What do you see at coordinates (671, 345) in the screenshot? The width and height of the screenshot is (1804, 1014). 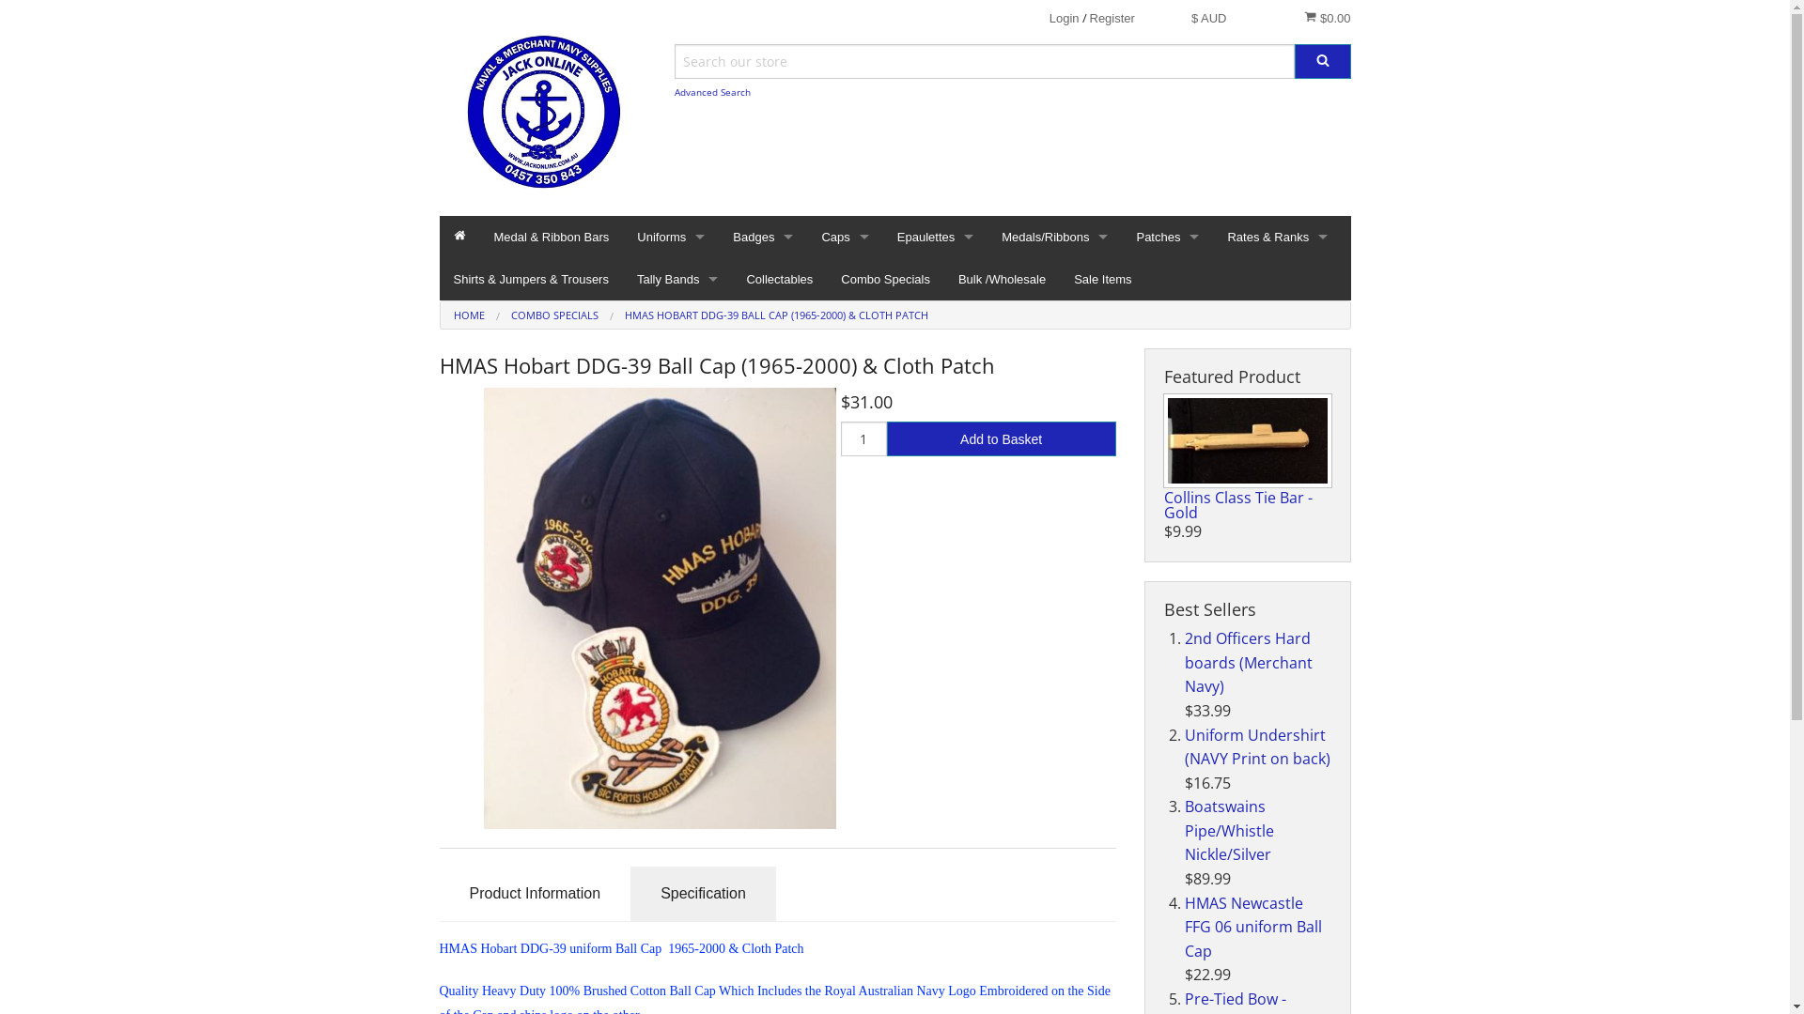 I see `'Accessories'` at bounding box center [671, 345].